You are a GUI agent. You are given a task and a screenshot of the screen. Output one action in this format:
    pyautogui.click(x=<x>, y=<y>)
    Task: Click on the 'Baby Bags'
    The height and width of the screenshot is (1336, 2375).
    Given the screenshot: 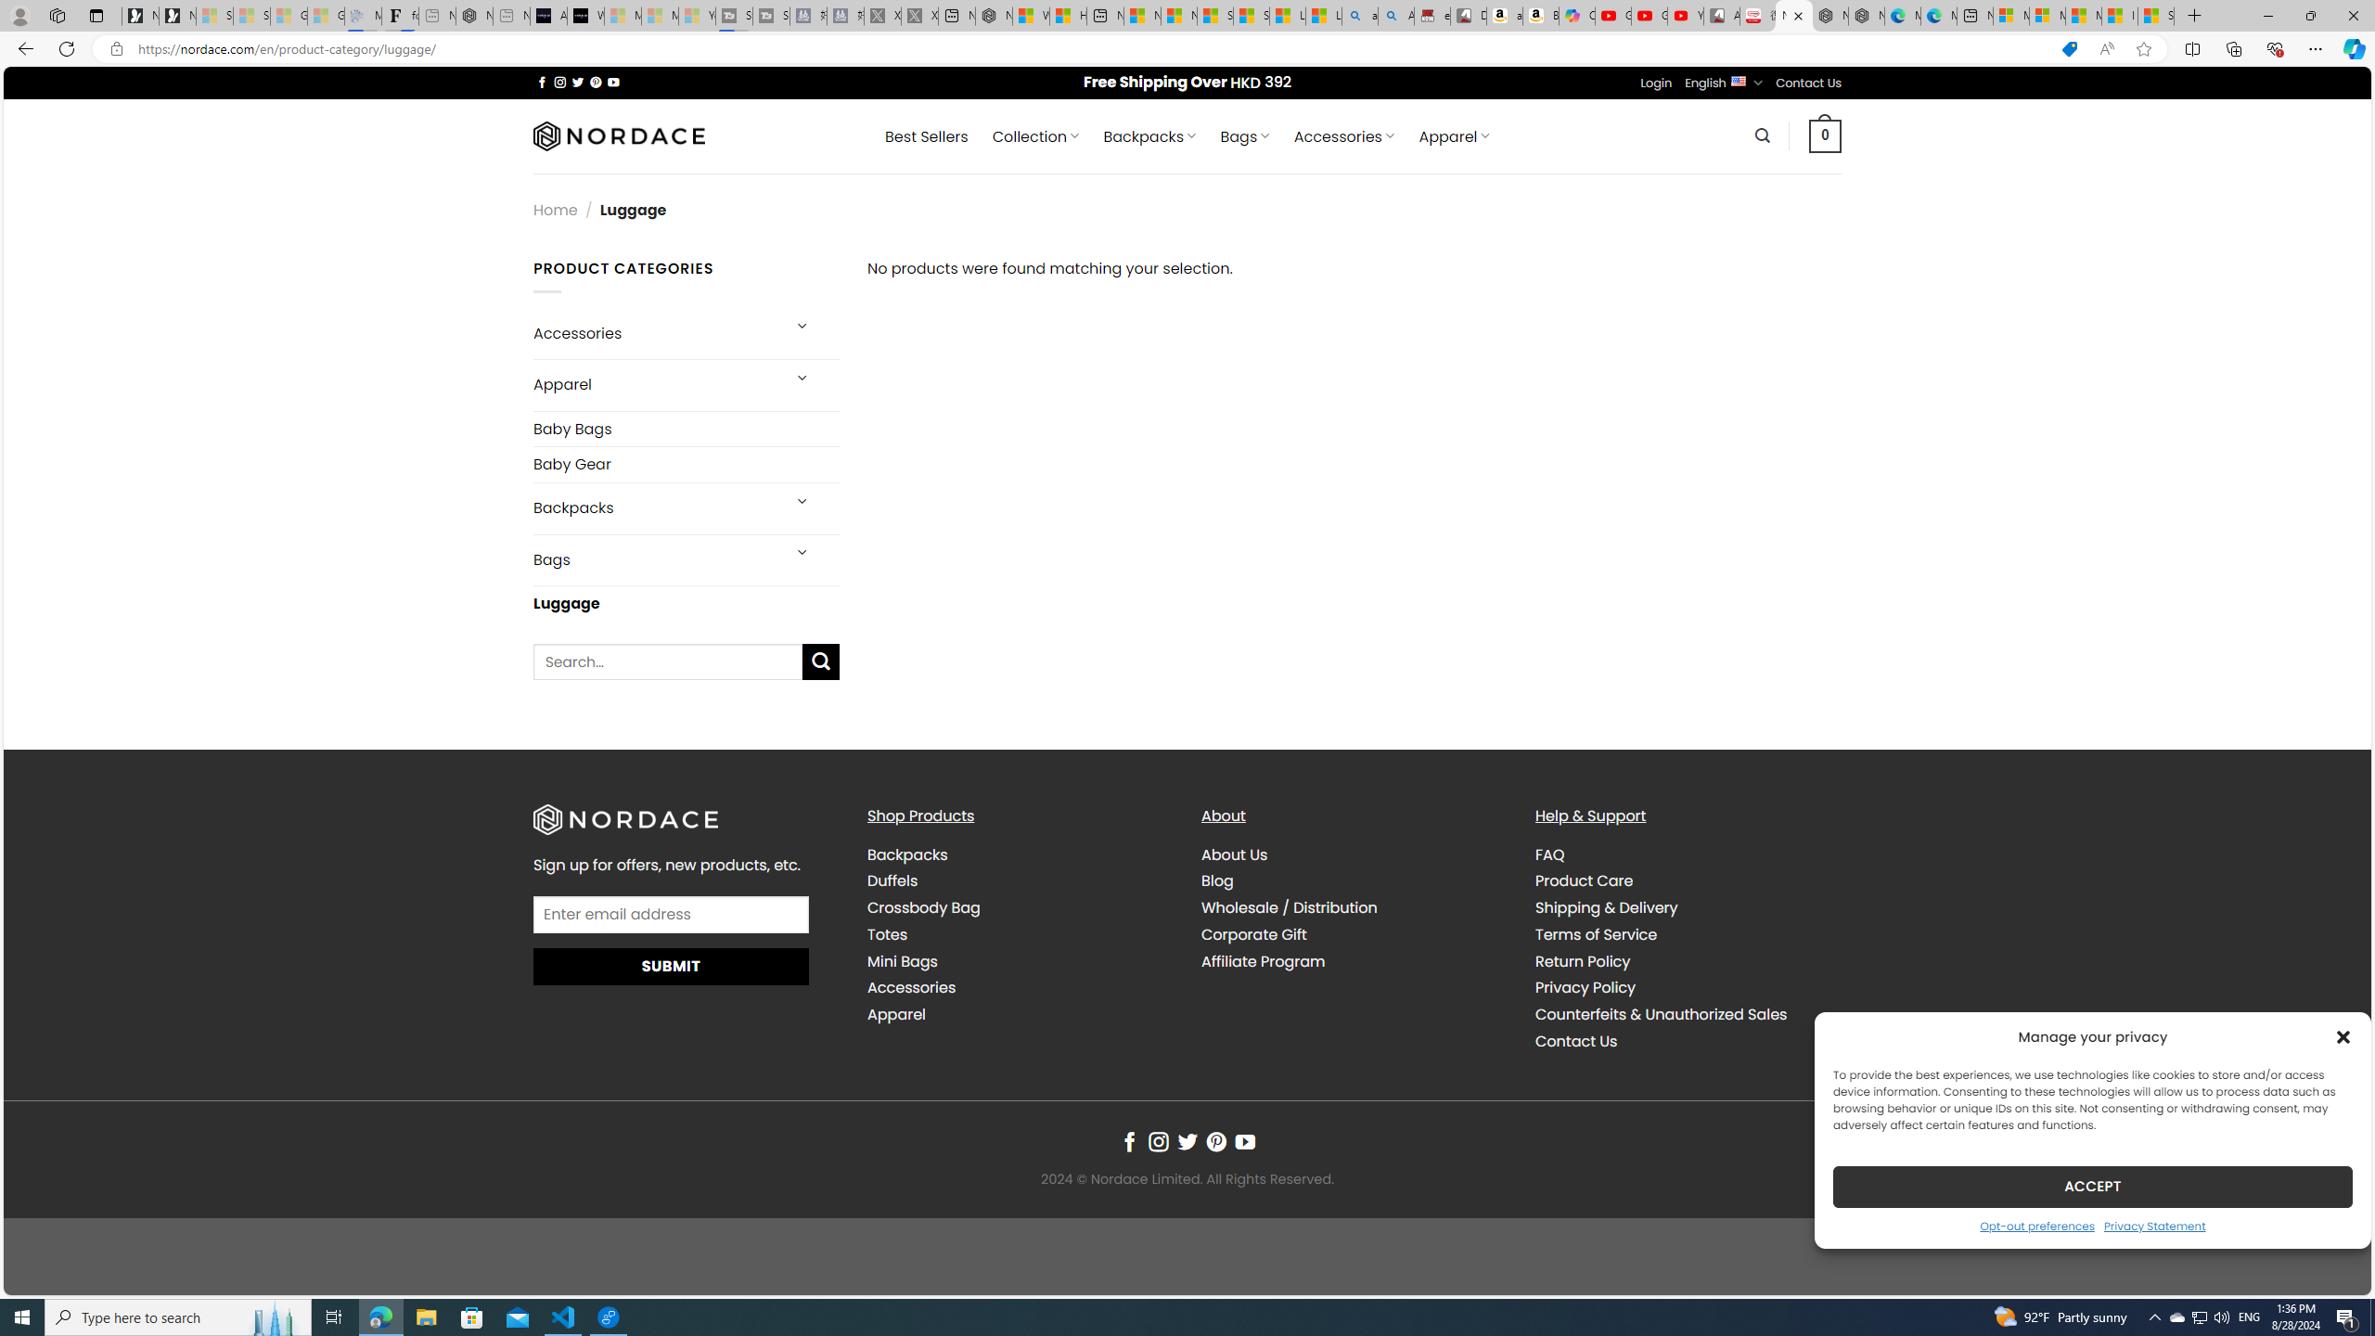 What is the action you would take?
    pyautogui.click(x=687, y=429)
    